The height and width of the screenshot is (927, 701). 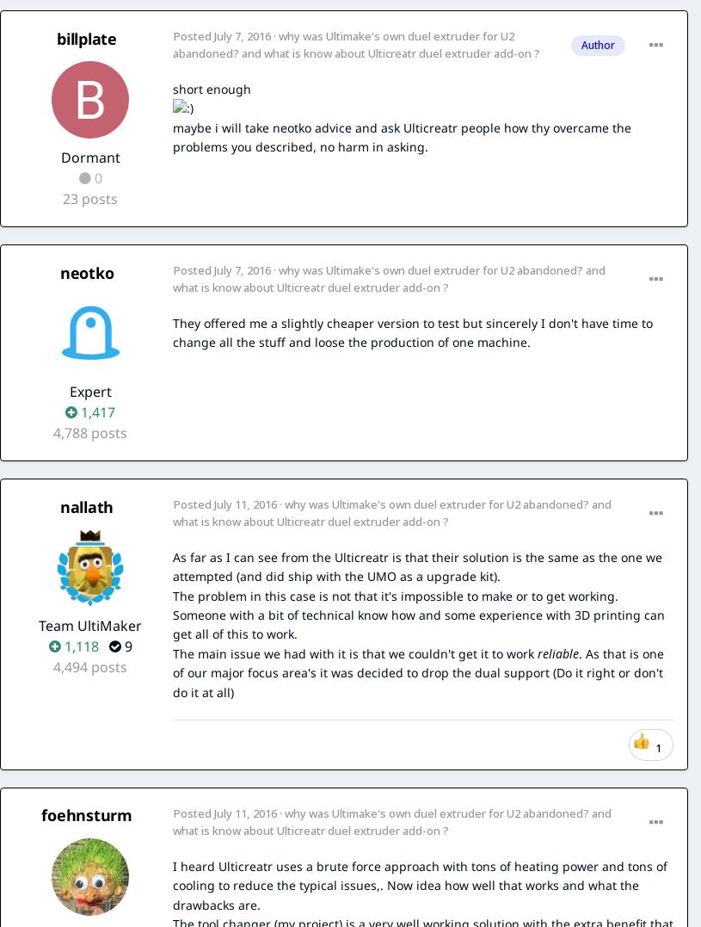 What do you see at coordinates (85, 271) in the screenshot?
I see `'neotko'` at bounding box center [85, 271].